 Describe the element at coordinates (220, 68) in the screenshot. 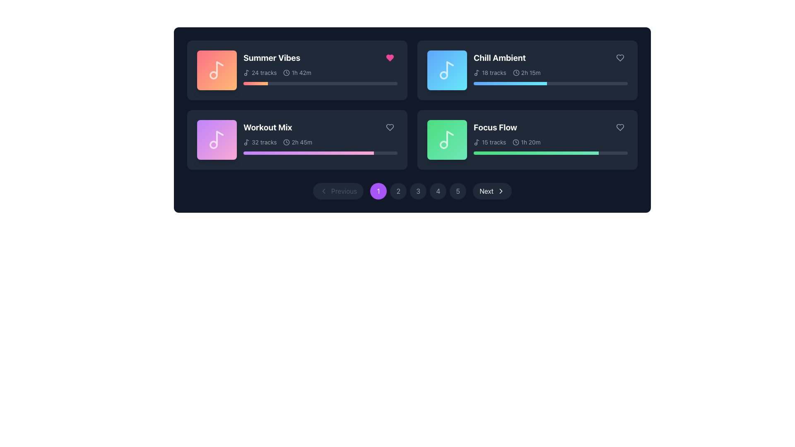

I see `the surrounding card of the 'Summer Vibes' interface, located in the top-left corner, which features a music or audio-related graphical icon` at that location.